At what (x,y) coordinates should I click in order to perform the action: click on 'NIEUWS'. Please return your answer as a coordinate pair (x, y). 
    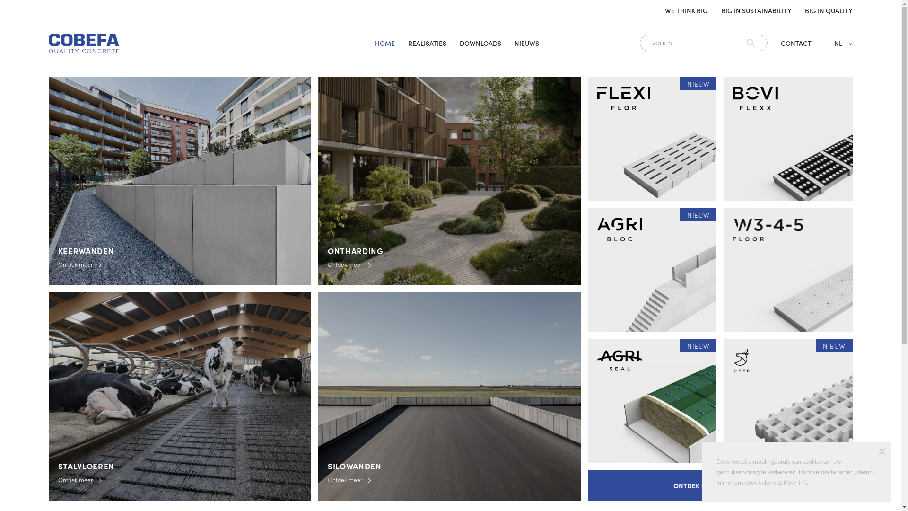
    Looking at the image, I should click on (526, 43).